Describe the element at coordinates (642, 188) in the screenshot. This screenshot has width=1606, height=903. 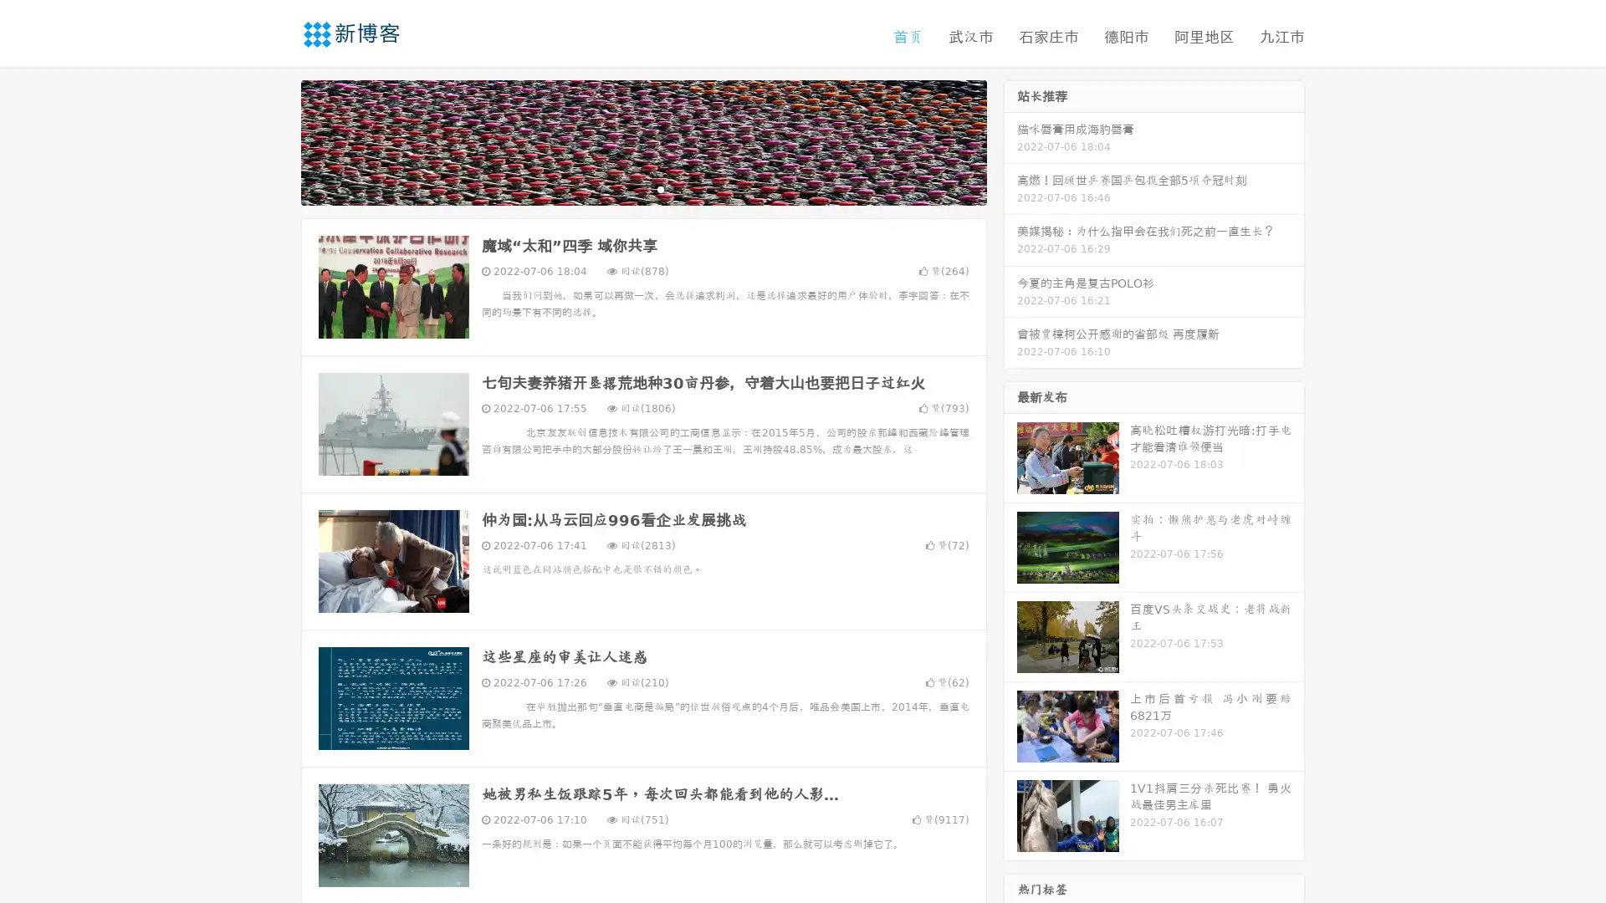
I see `Go to slide 2` at that location.